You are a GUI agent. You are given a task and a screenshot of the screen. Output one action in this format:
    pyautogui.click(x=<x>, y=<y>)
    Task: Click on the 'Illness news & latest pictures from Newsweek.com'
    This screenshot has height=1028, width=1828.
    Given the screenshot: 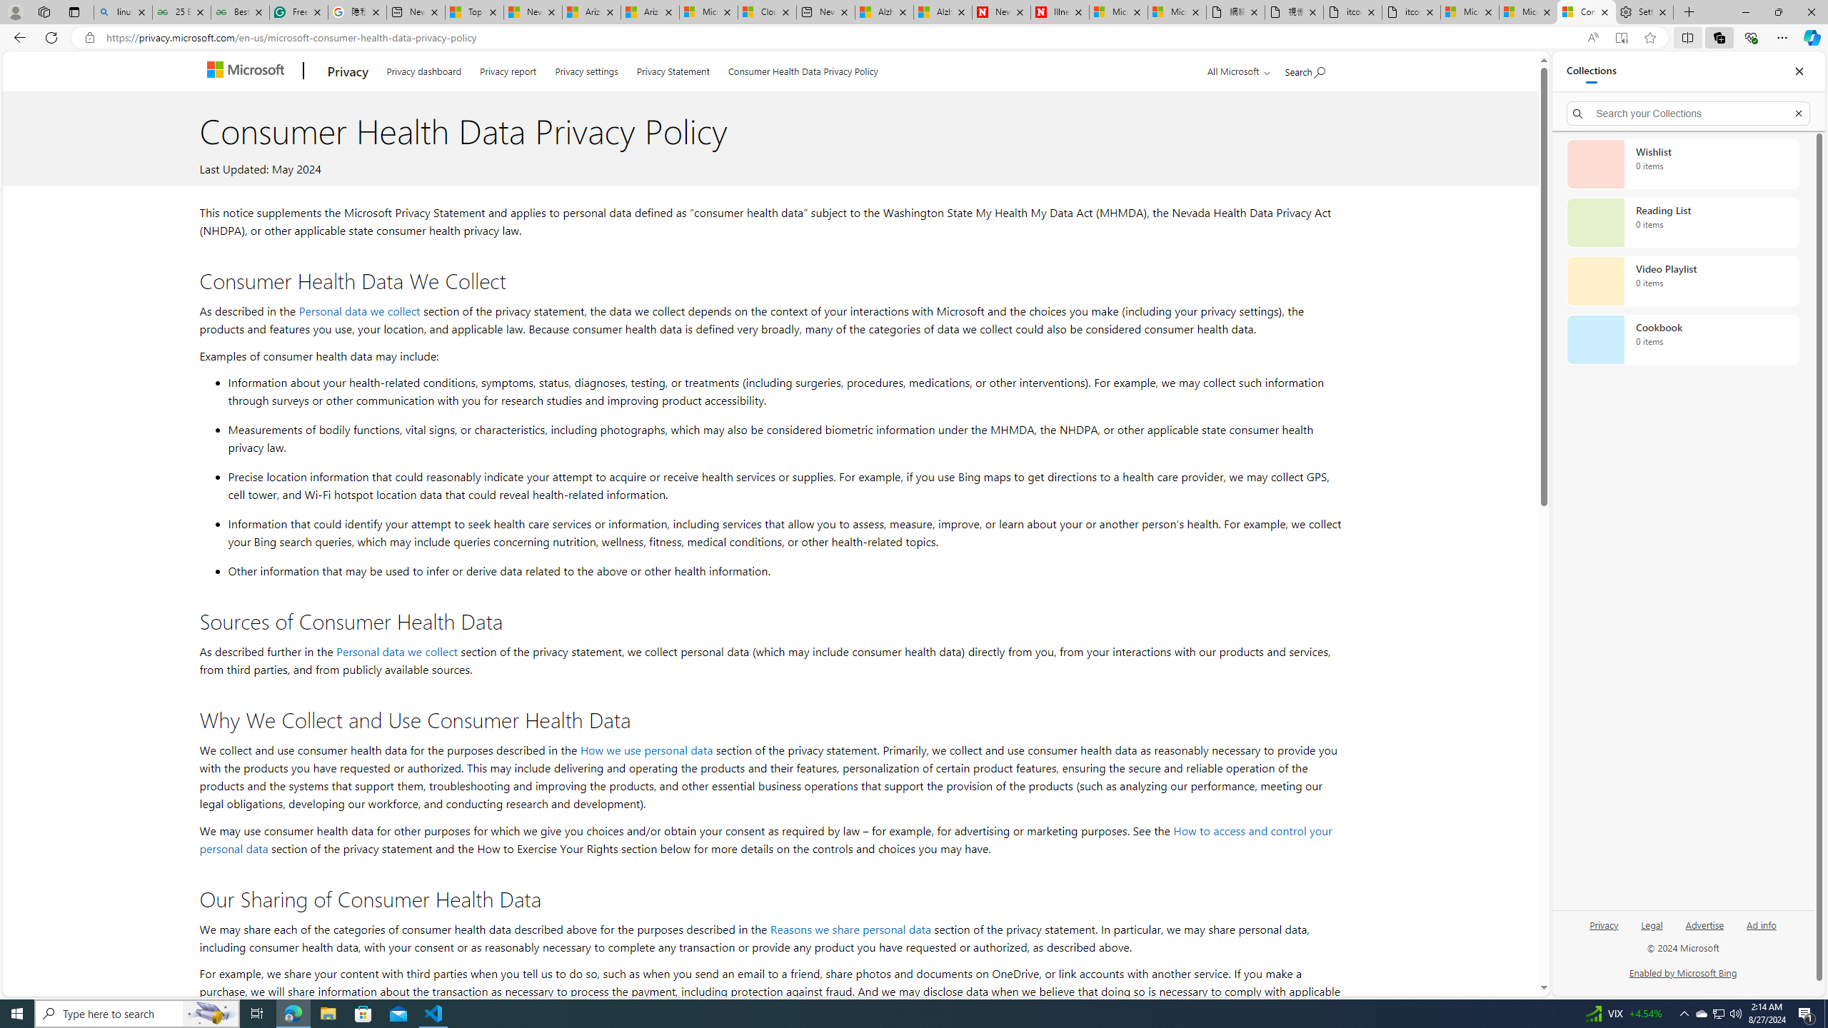 What is the action you would take?
    pyautogui.click(x=1059, y=11)
    